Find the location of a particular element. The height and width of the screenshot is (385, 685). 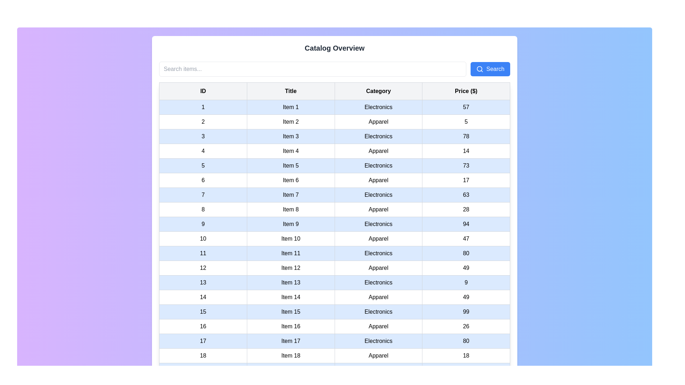

the 'Apparel' text display element in the 'Category' column of the table associated with 'Item 16' is located at coordinates (378, 326).